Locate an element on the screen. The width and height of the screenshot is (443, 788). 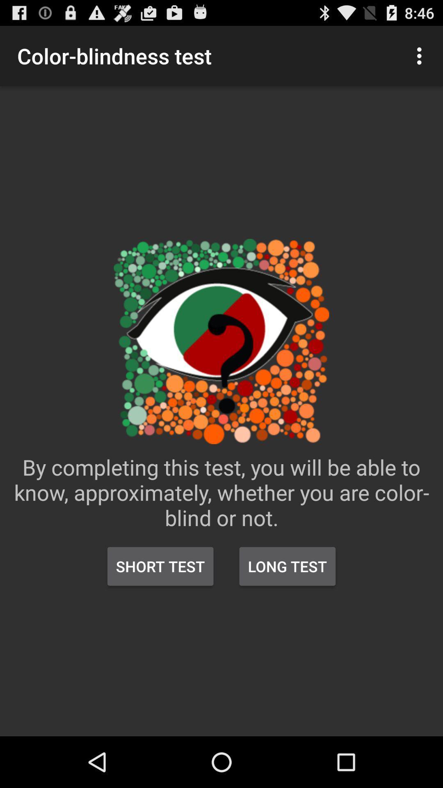
item next to the color-blindness test icon is located at coordinates (421, 55).